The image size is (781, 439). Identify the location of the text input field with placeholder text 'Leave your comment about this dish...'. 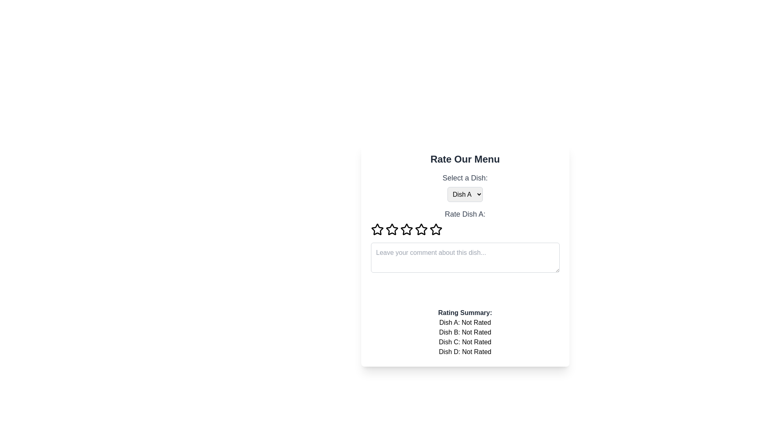
(465, 257).